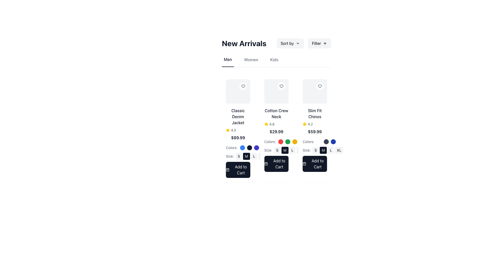  Describe the element at coordinates (276, 140) in the screenshot. I see `the color circle option in the 'Cotton Crew Neck' product card, which is the second product card under the 'New Arrivals' section` at that location.